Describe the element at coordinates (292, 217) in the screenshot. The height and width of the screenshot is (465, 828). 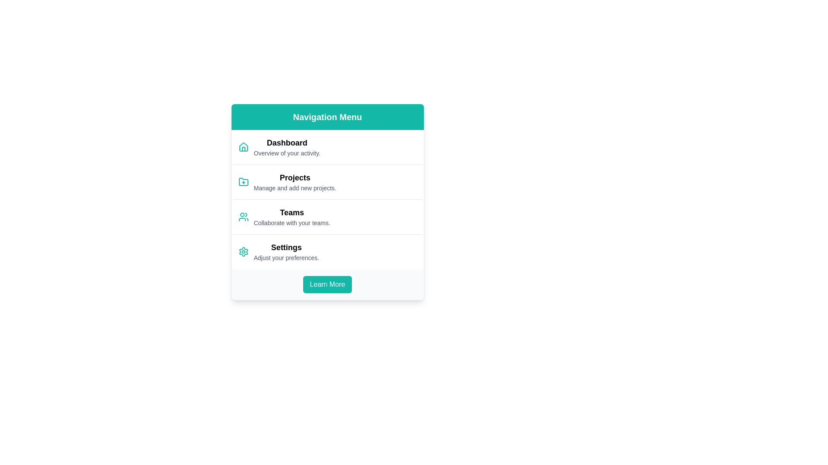
I see `the menu item labeled 'Teams', which consists of a bolded title and a description` at that location.